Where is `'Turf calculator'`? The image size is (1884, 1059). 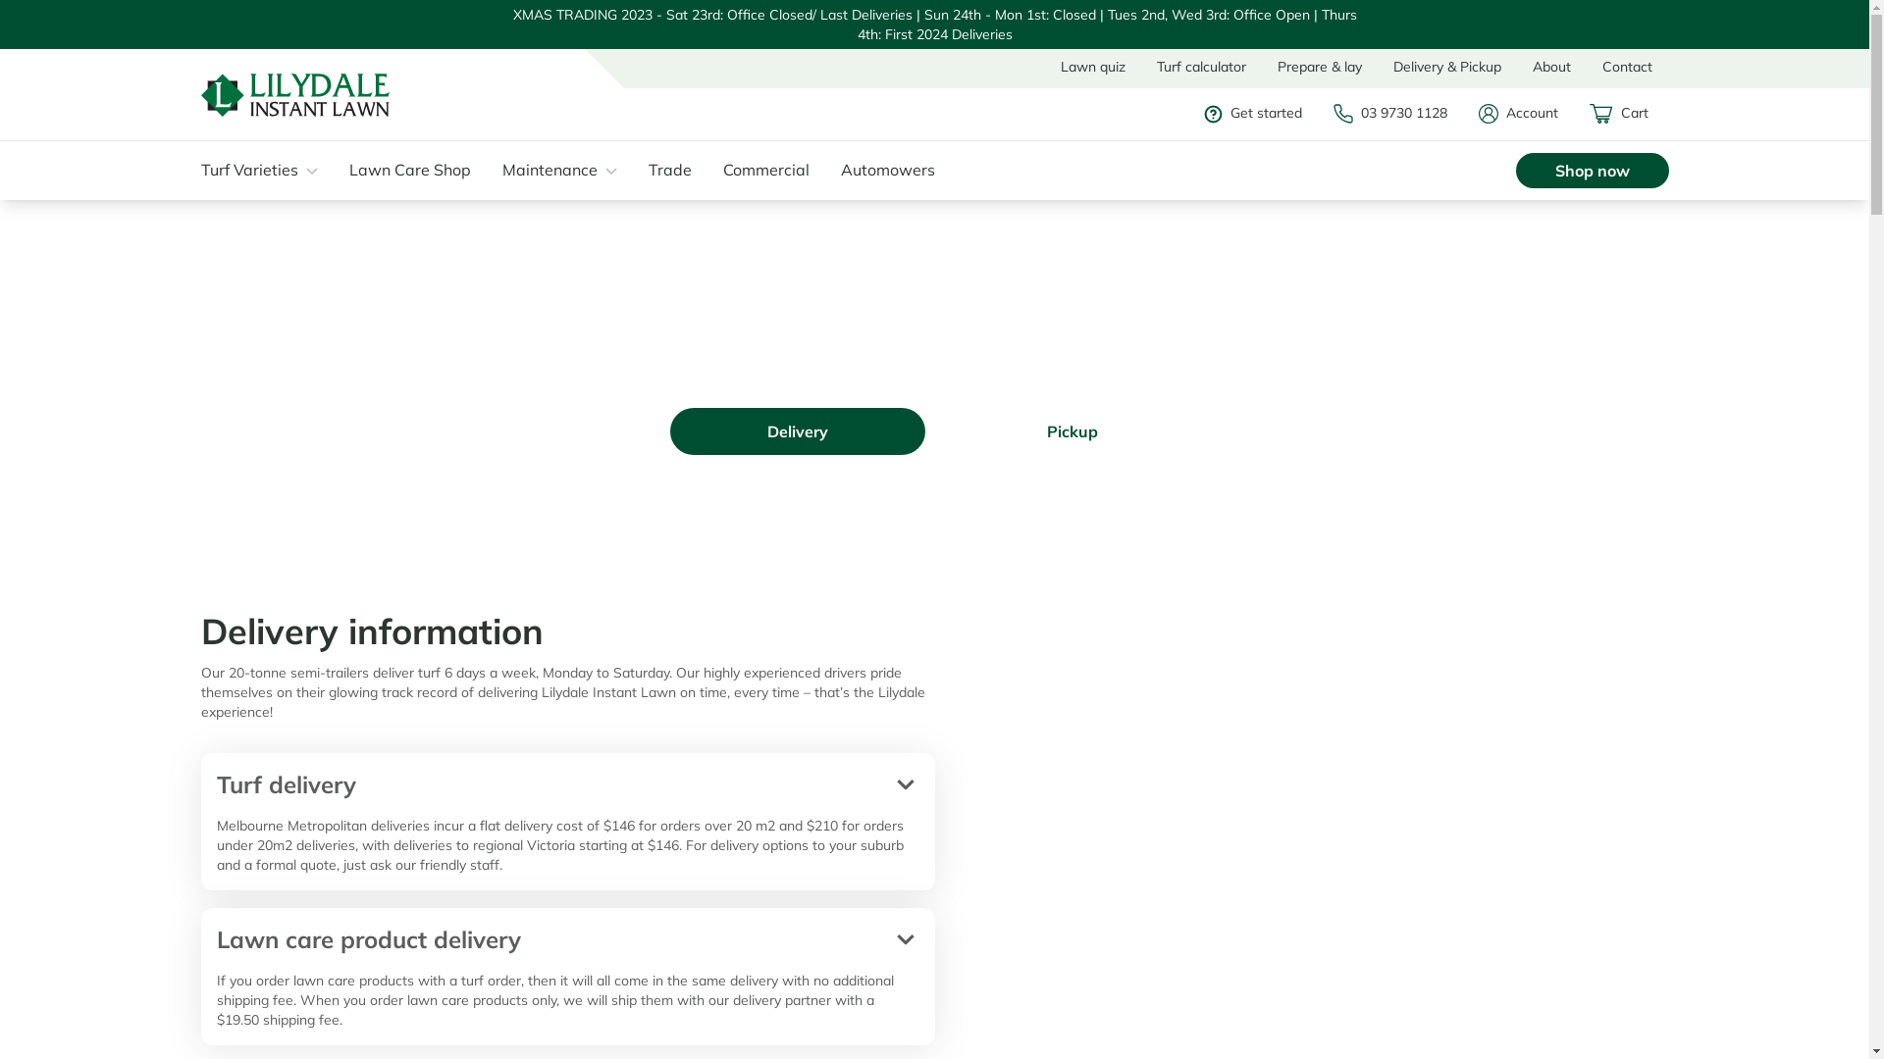
'Turf calculator' is located at coordinates (1200, 66).